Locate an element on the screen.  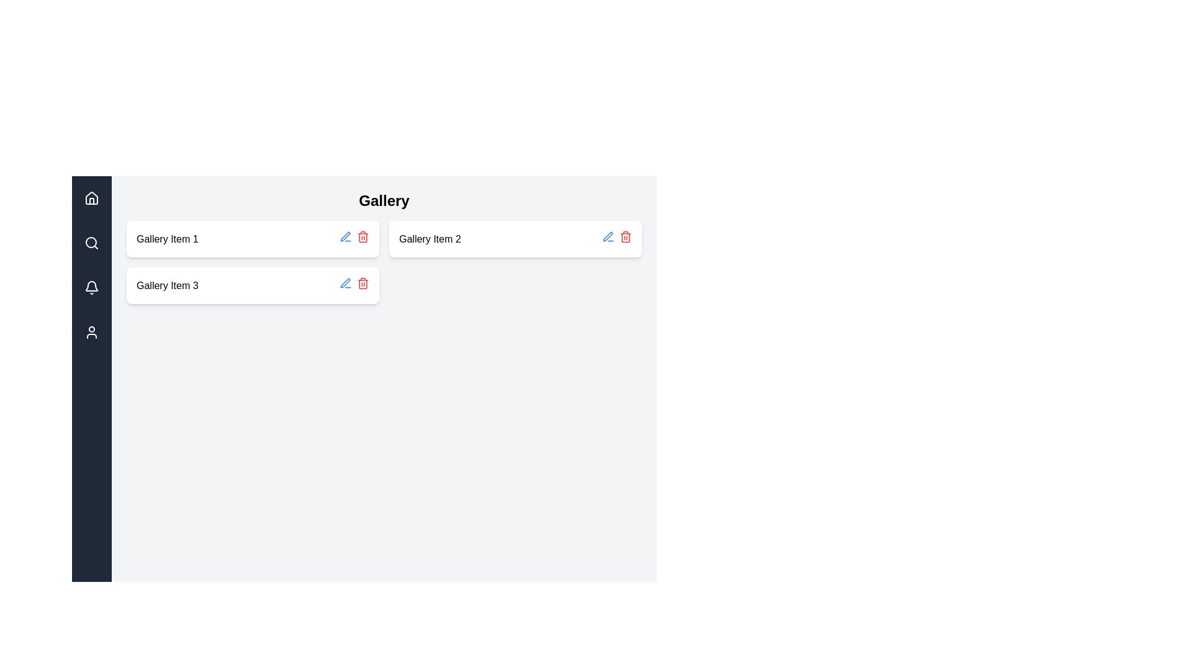
the inner circular part of the magnifying glass icon, which signifies the search functionality, located on the sidebar as the second icon from the top is located at coordinates (91, 242).